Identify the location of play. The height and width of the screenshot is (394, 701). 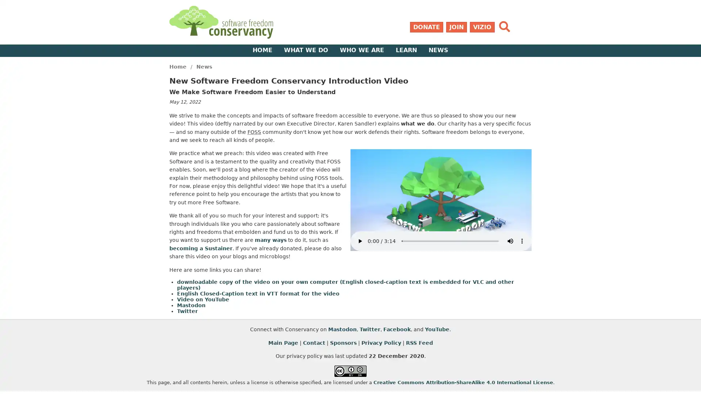
(360, 241).